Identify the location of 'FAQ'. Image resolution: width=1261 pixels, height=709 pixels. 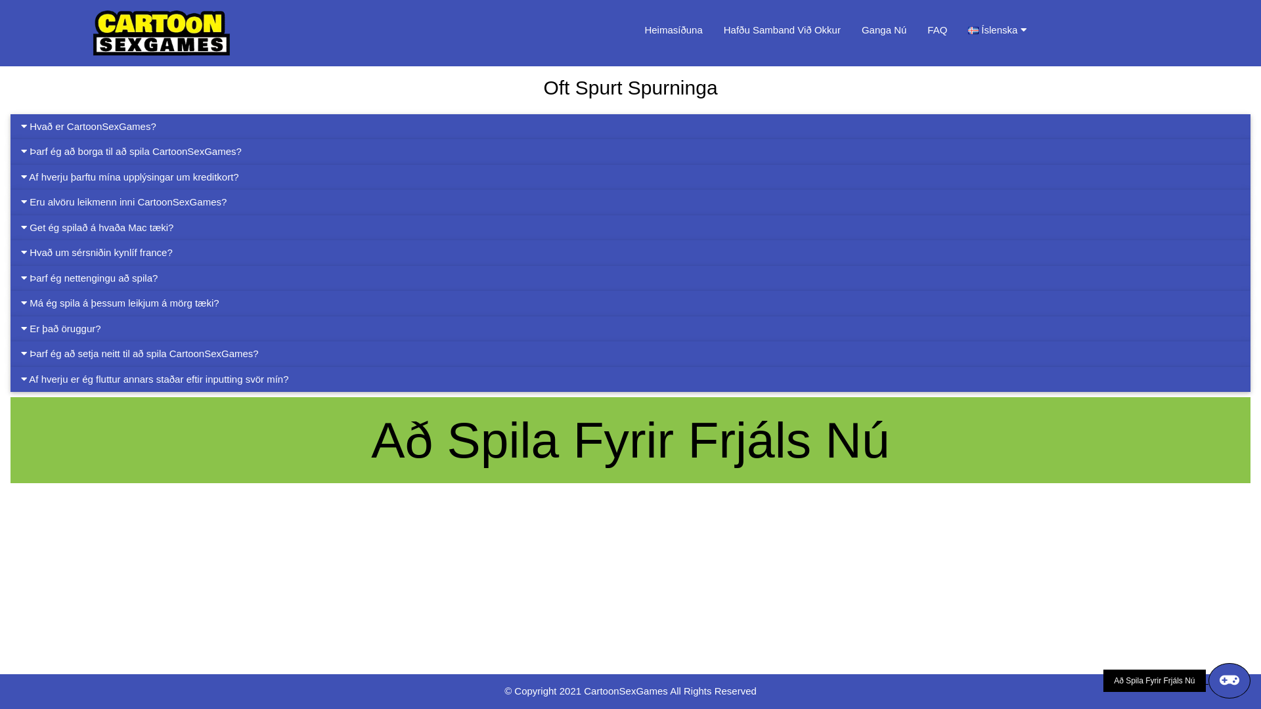
(936, 30).